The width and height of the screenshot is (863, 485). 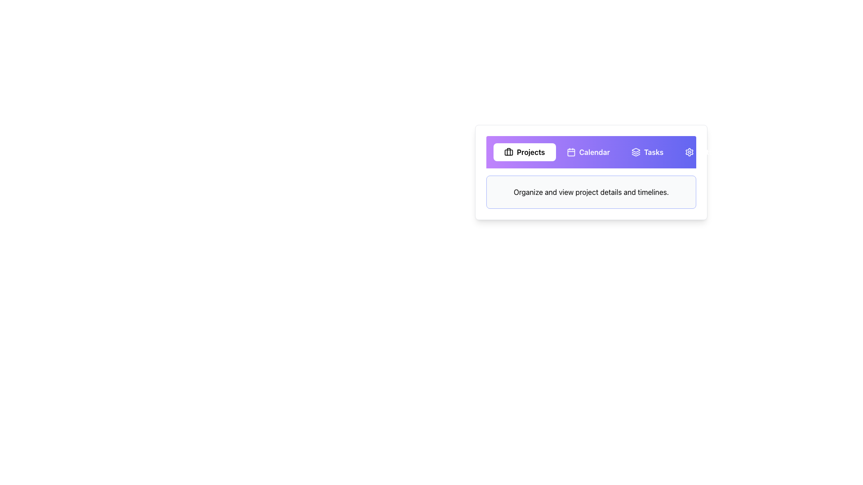 I want to click on the calendar icon, which is a minimalist outline style icon with a square base and rounded corners, located in the second option group labeled 'Calendar', so click(x=570, y=152).